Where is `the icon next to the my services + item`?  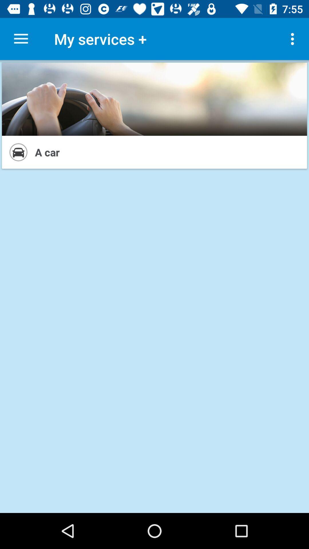 the icon next to the my services + item is located at coordinates (21, 39).